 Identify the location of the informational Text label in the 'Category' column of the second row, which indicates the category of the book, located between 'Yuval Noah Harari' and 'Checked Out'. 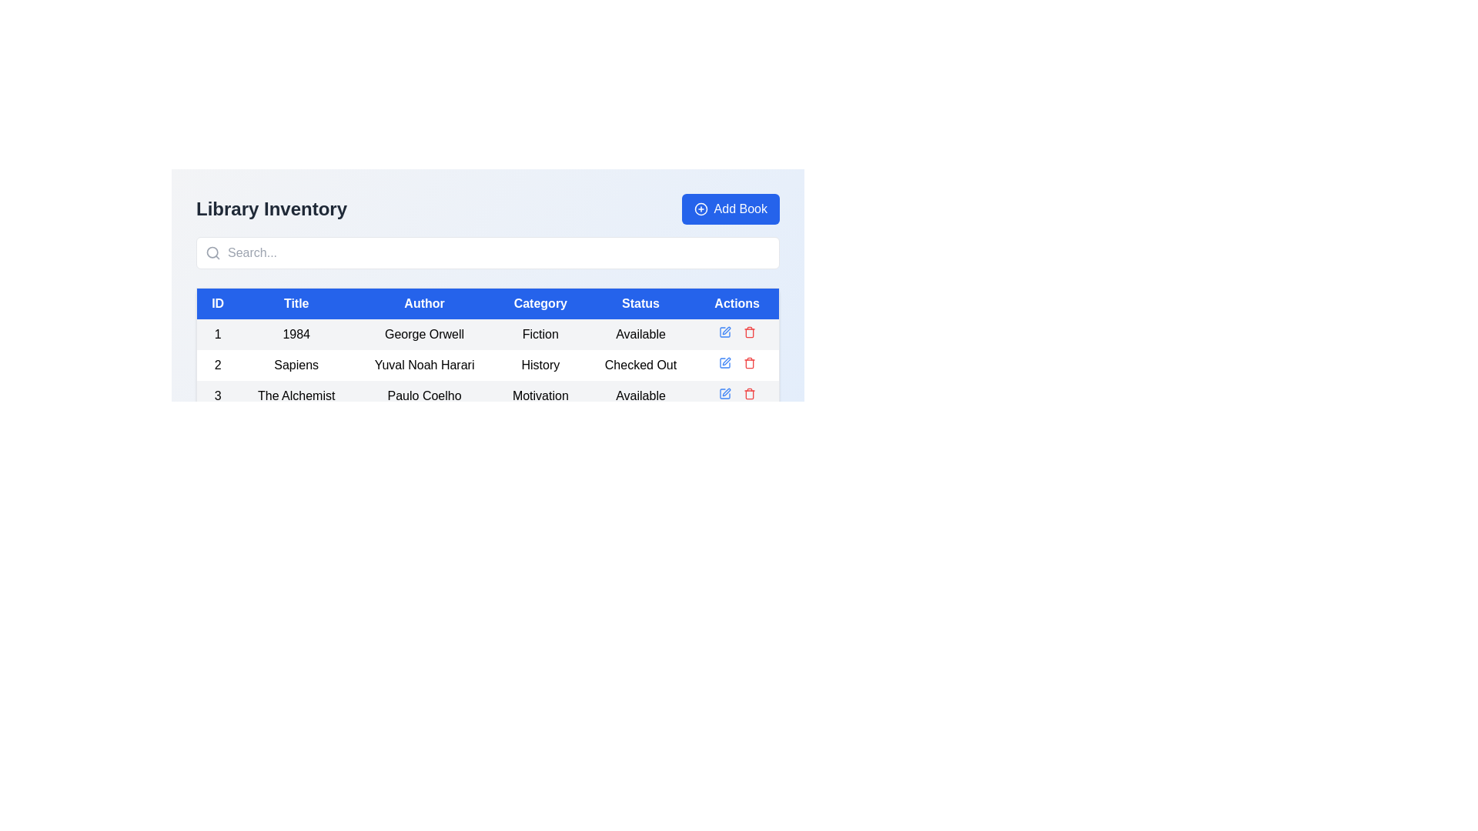
(540, 365).